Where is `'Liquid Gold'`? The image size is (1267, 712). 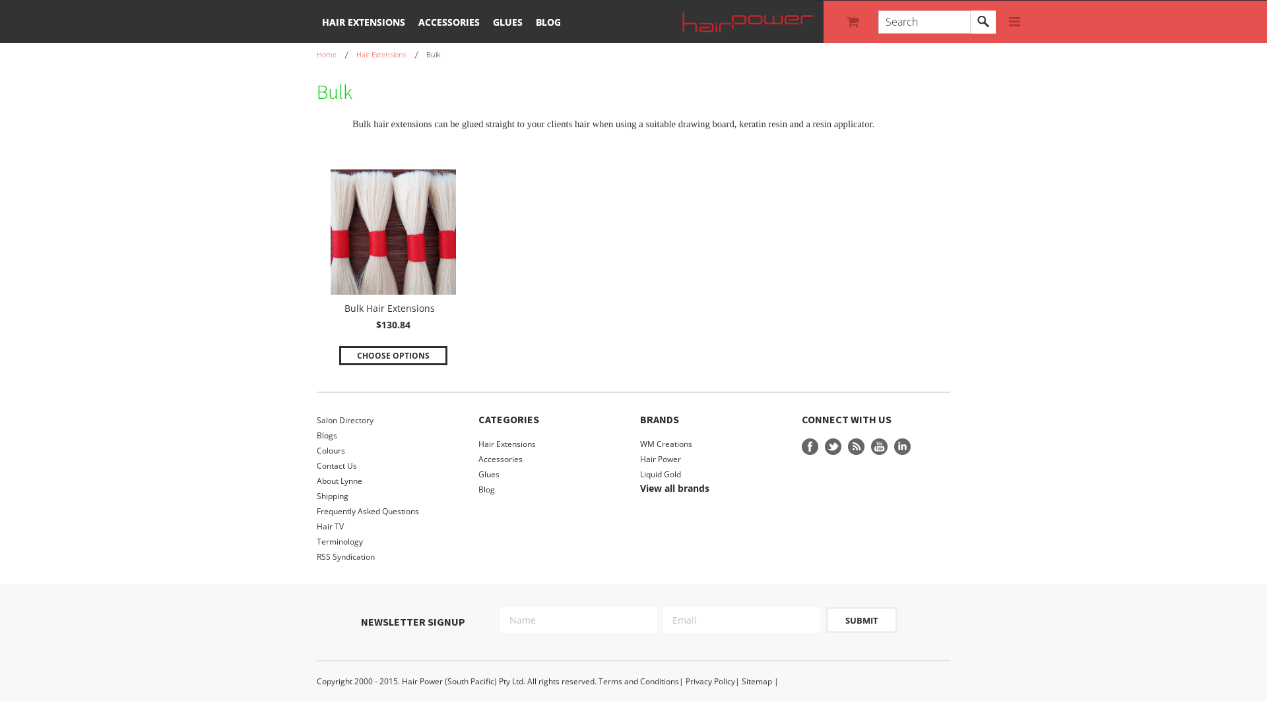
'Liquid Gold' is located at coordinates (661, 473).